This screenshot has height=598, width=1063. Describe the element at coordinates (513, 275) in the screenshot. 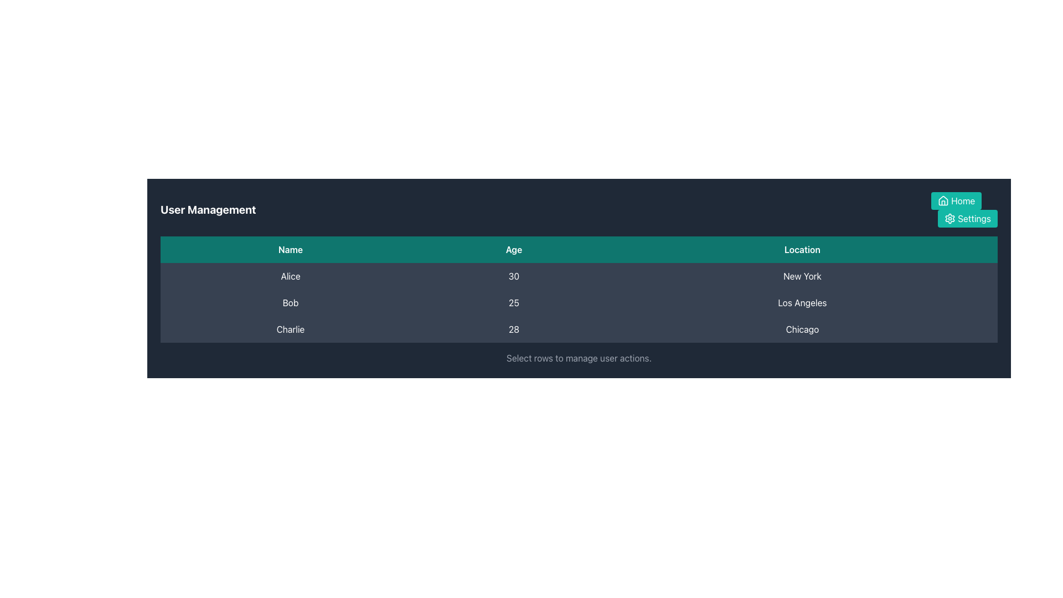

I see `the text displaying the age '30' of the individual named Alice, which is located in the second column of the first row of the data table` at that location.